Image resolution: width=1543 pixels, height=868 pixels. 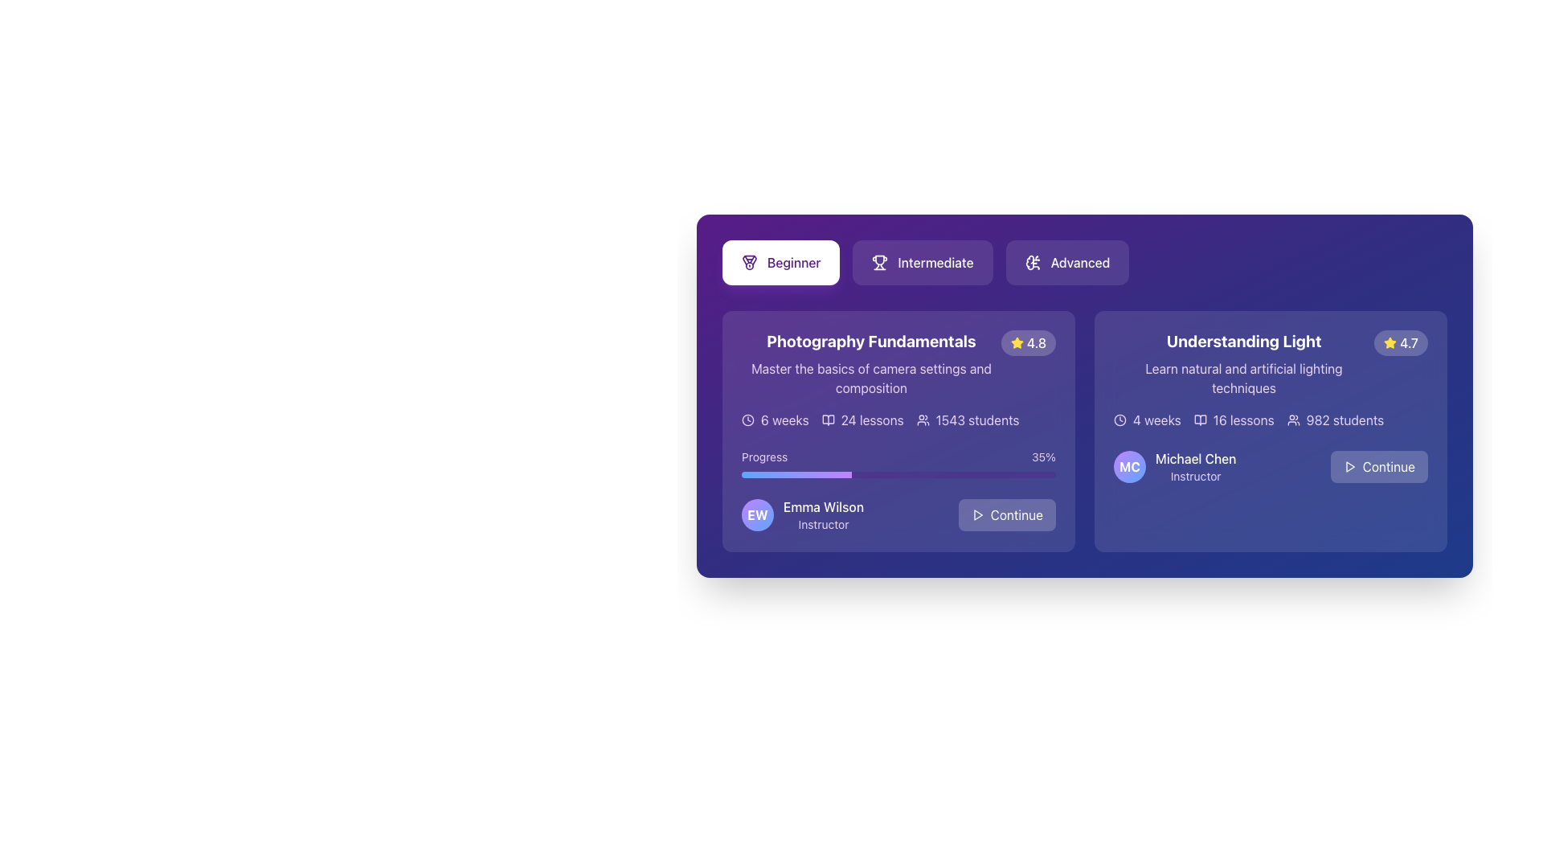 What do you see at coordinates (870, 363) in the screenshot?
I see `the title and subtitle text description located within the leftmost card under the 'Beginner' category, which provides a quick overview of the course content and purpose` at bounding box center [870, 363].